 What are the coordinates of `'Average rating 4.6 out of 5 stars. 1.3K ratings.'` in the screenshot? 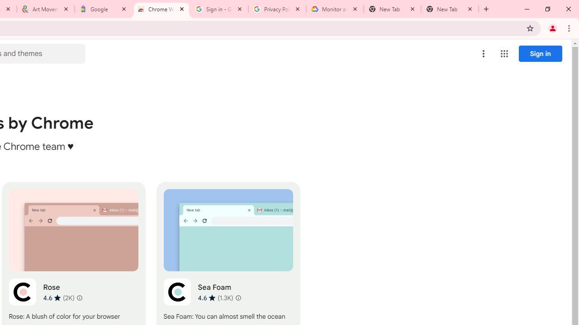 It's located at (215, 297).